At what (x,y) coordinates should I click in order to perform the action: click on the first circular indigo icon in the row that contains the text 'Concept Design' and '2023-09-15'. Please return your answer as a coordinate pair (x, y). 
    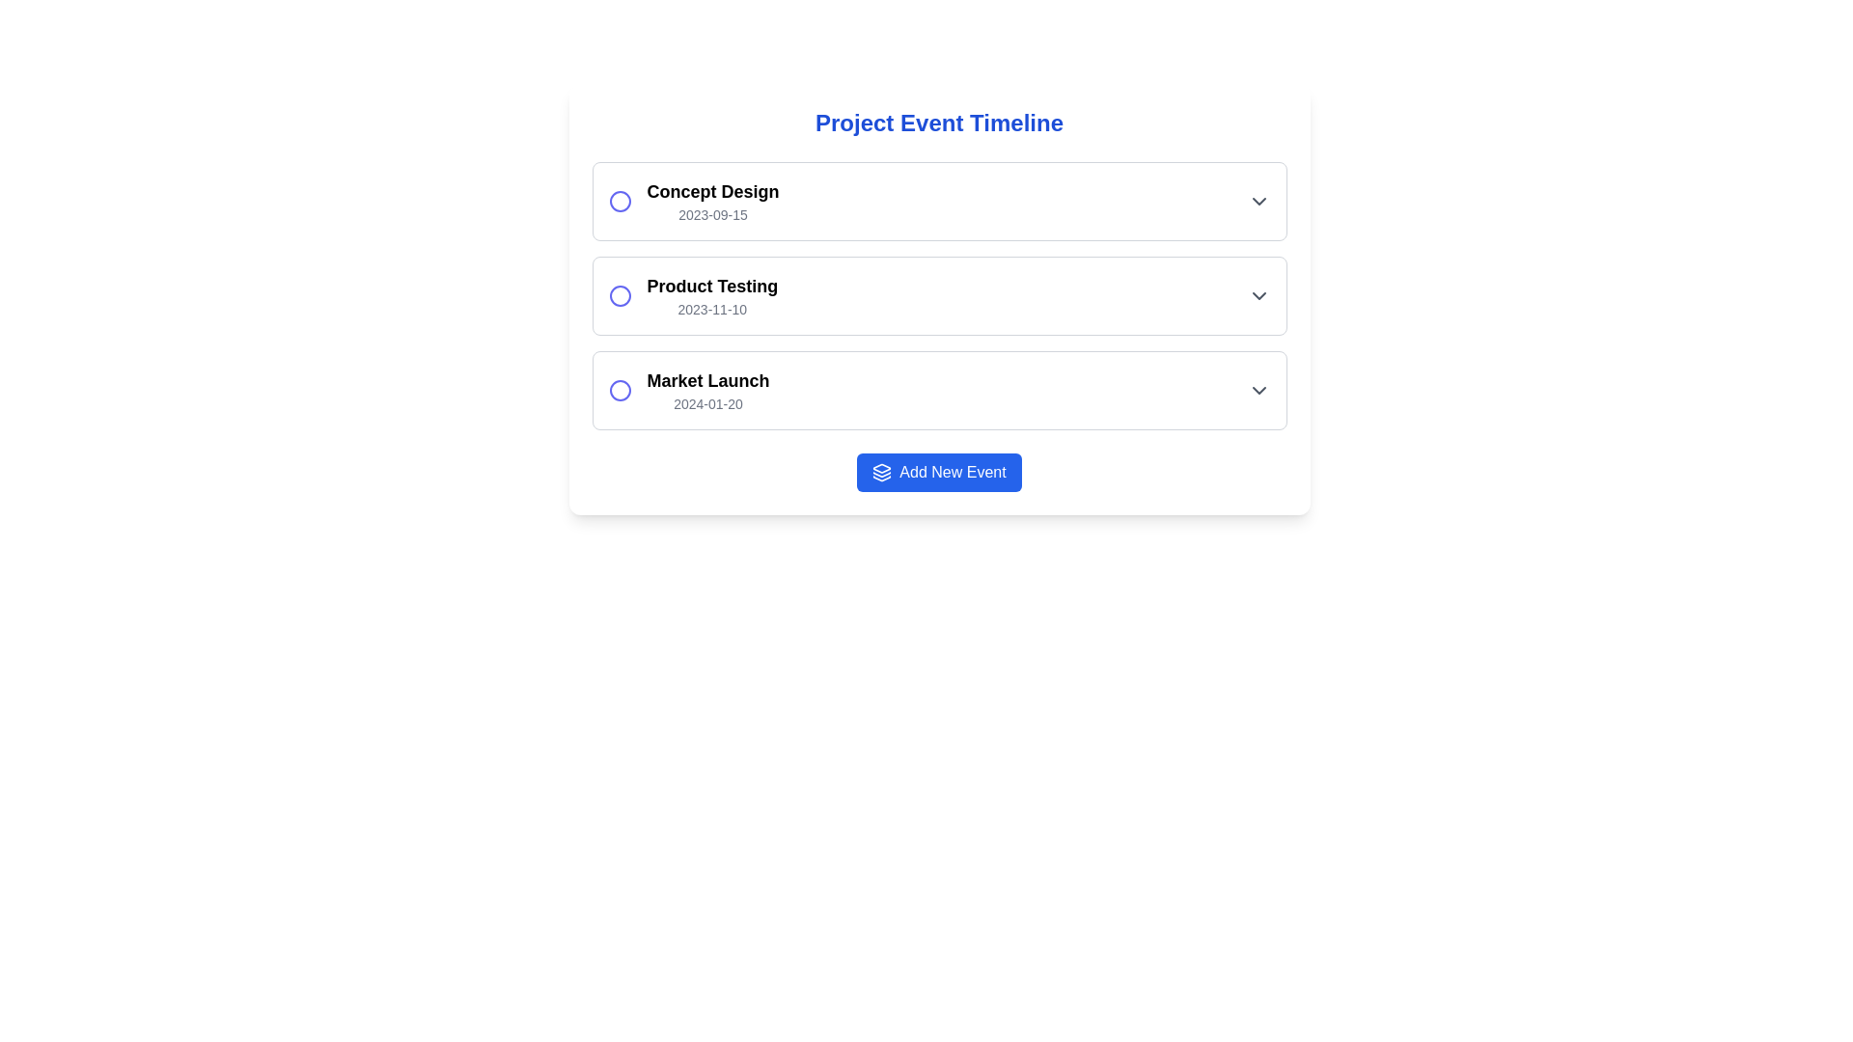
    Looking at the image, I should click on (620, 201).